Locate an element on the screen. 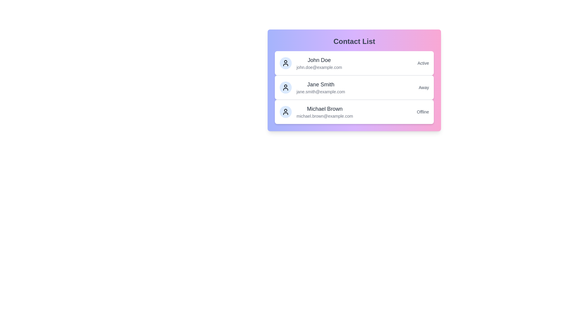 The width and height of the screenshot is (578, 325). the list item corresponding to Jane Smith is located at coordinates (354, 87).